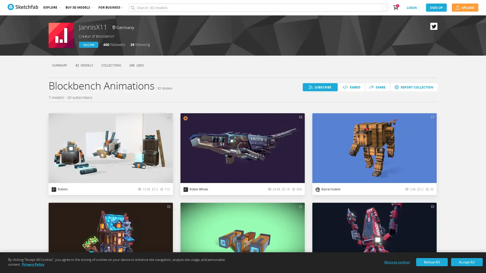  I want to click on Refuse All, so click(432, 262).